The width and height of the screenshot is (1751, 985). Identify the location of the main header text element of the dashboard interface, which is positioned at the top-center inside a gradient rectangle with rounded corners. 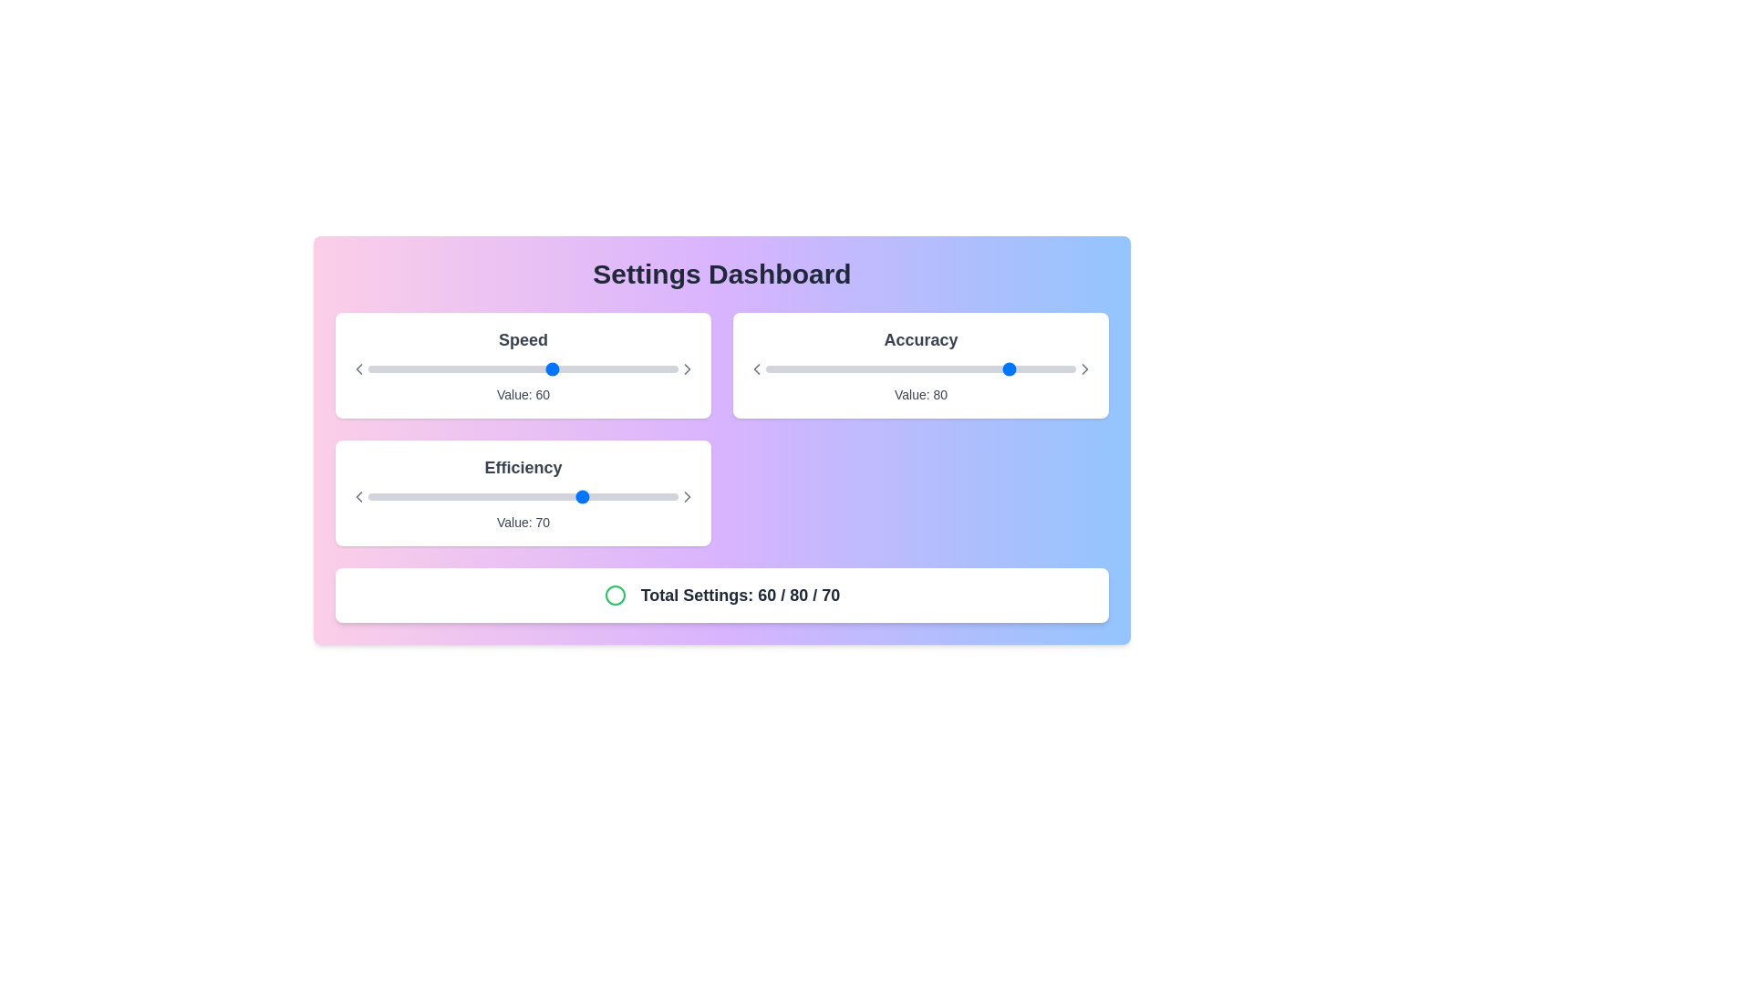
(721, 274).